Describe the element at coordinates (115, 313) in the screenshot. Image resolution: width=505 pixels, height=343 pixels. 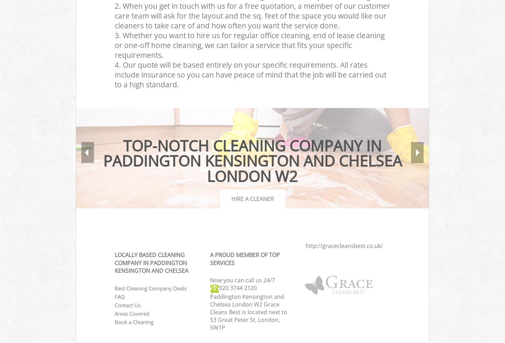
I see `'Areas Covered'` at that location.